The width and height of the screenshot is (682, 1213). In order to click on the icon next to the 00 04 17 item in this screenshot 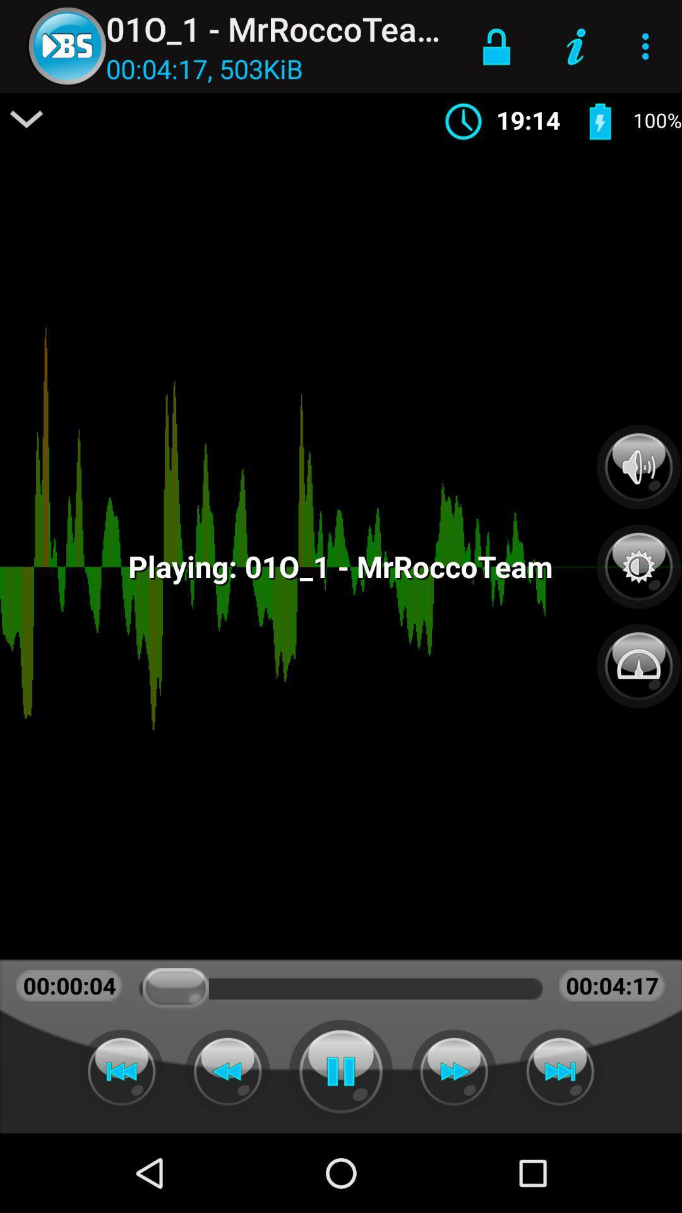, I will do `click(27, 119)`.